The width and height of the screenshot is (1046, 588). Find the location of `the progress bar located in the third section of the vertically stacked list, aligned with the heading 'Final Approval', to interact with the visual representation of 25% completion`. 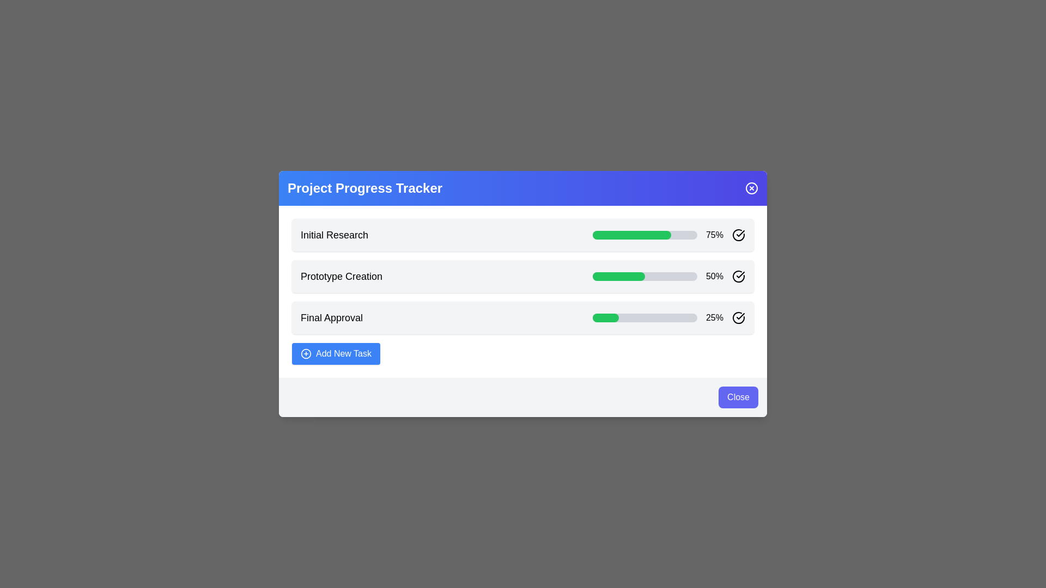

the progress bar located in the third section of the vertically stacked list, aligned with the heading 'Final Approval', to interact with the visual representation of 25% completion is located at coordinates (668, 317).